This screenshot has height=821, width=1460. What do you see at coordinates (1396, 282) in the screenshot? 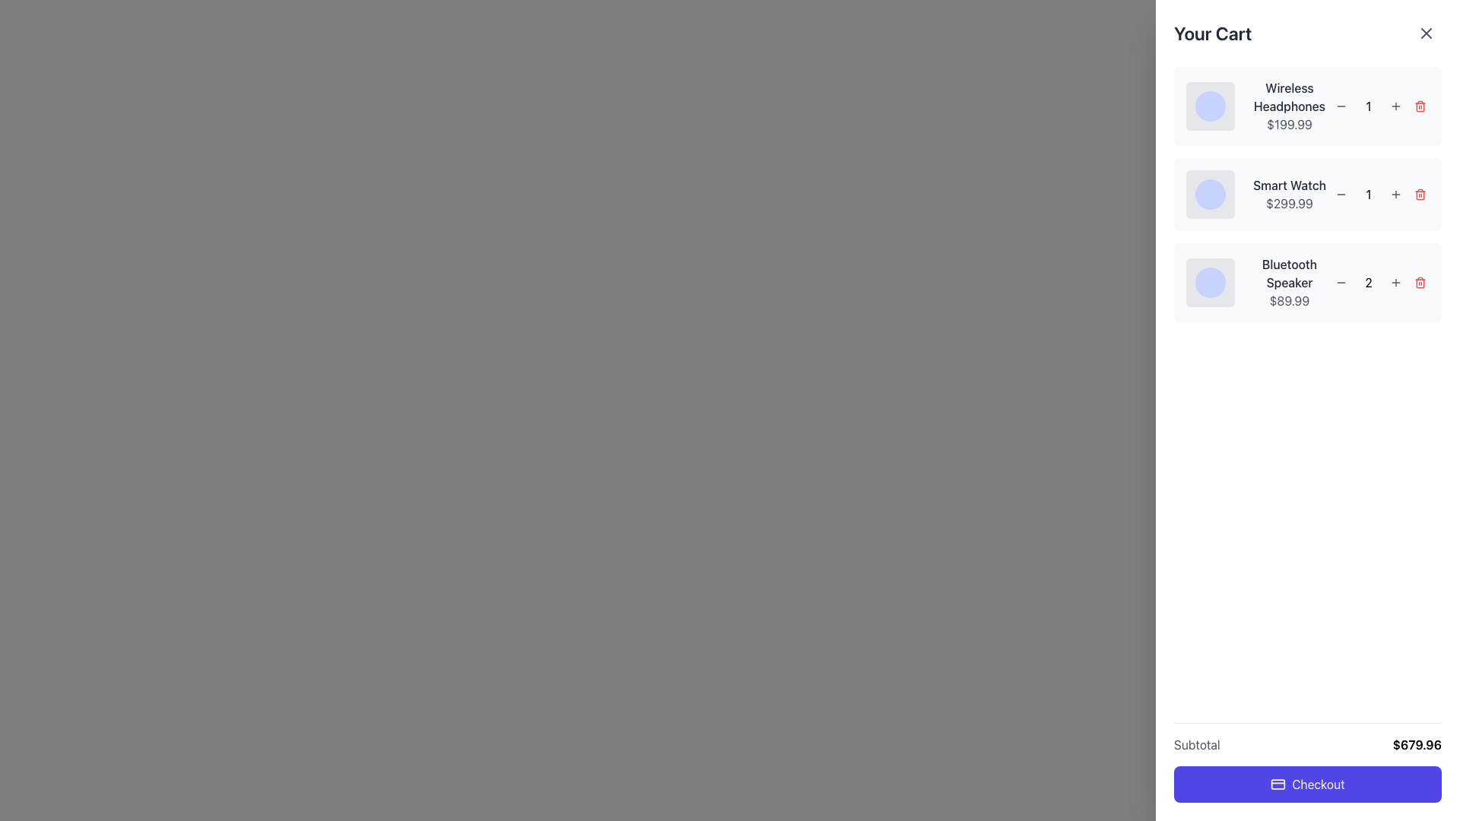
I see `the small plus icon with a gray outline inside the rounded button next to the 'Bluetooth Speaker' item in the shopping cart to increment the item quantity` at bounding box center [1396, 282].